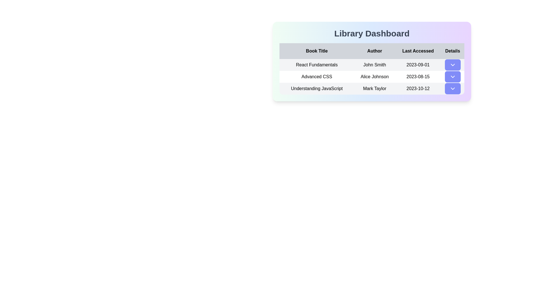 The width and height of the screenshot is (542, 305). Describe the element at coordinates (375, 77) in the screenshot. I see `information displayed in the Text label located in the second row under the 'Author' column of the table` at that location.